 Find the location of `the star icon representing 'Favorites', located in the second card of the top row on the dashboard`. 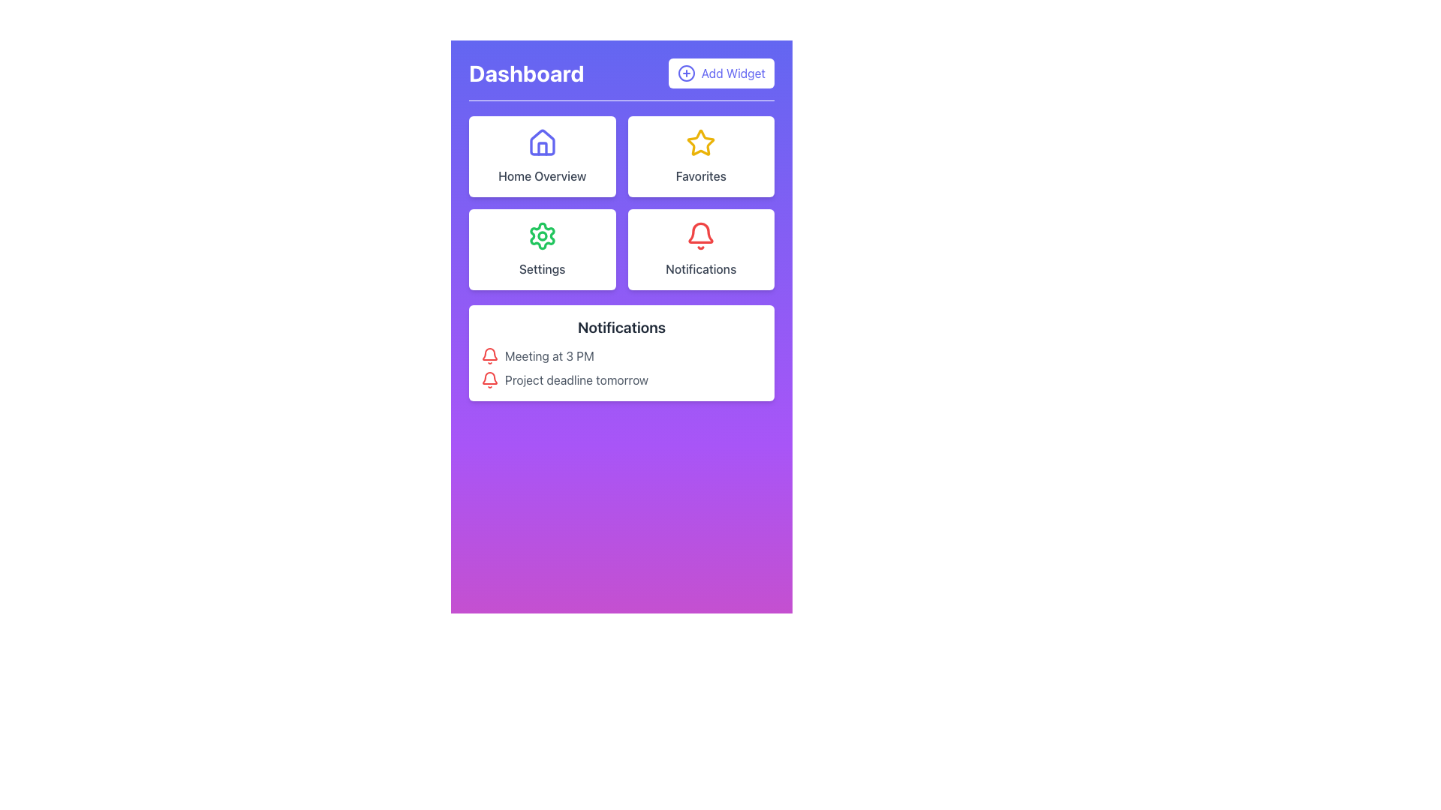

the star icon representing 'Favorites', located in the second card of the top row on the dashboard is located at coordinates (700, 143).